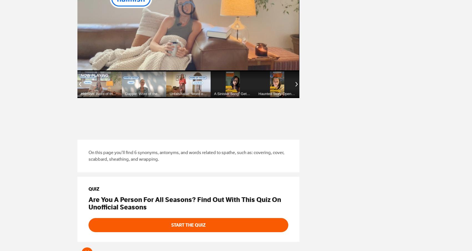 The height and width of the screenshot is (251, 472). Describe the element at coordinates (410, 98) in the screenshot. I see `'Why Do We Say "Trick Or Treat" On Halloween?'` at that location.